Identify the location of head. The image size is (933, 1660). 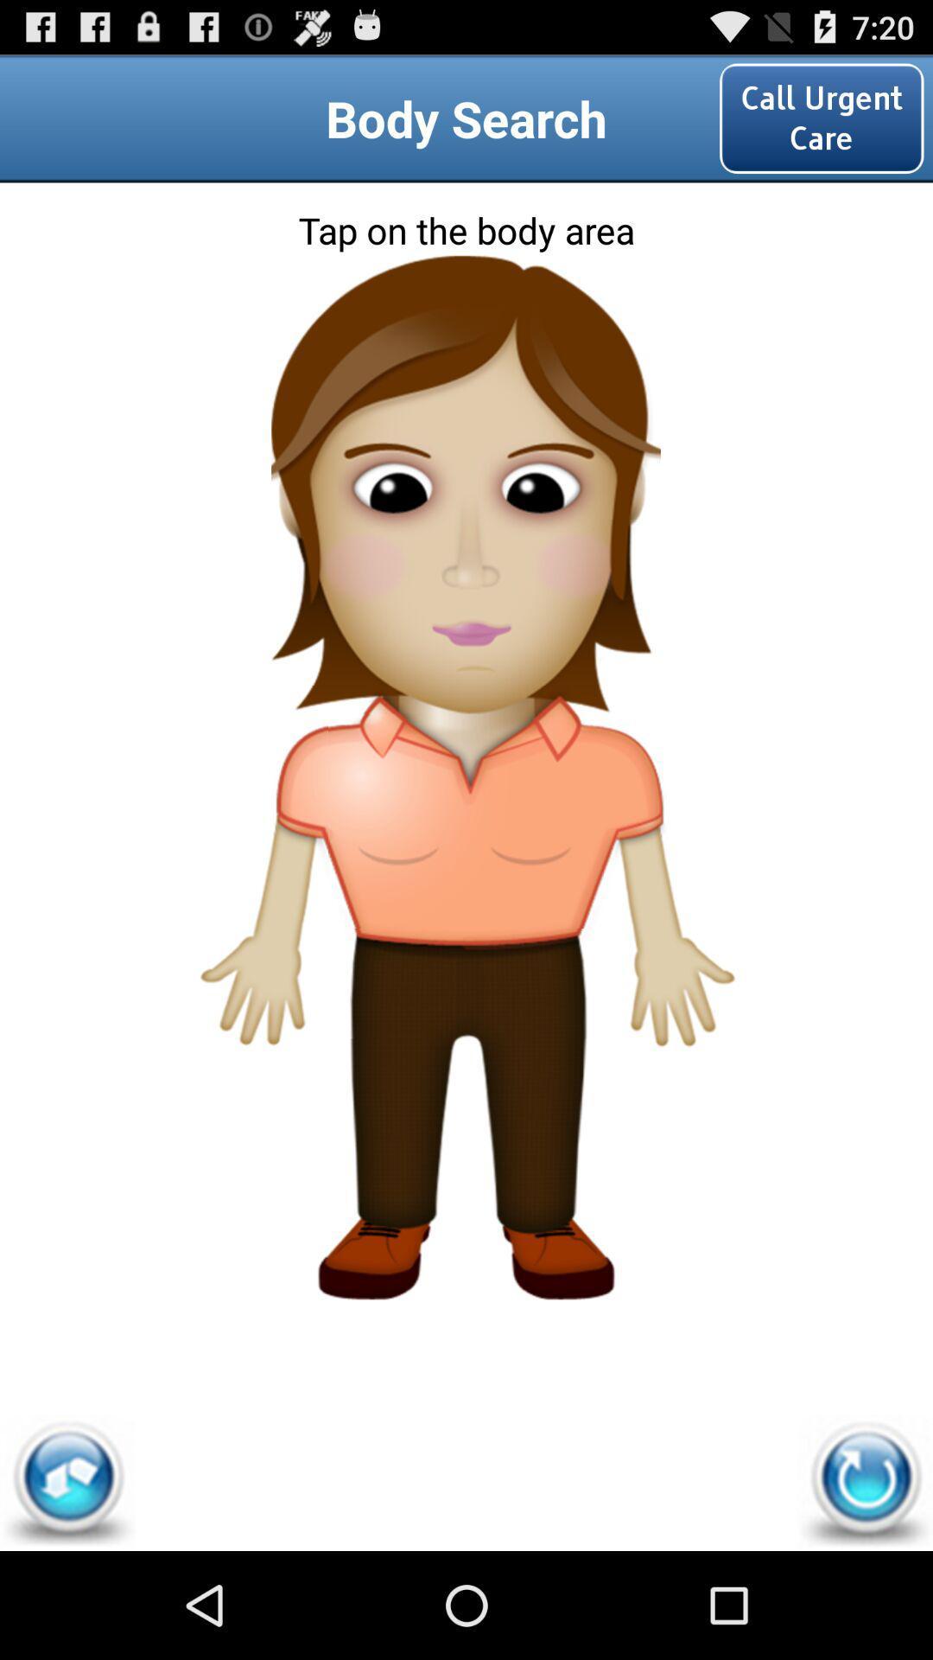
(465, 331).